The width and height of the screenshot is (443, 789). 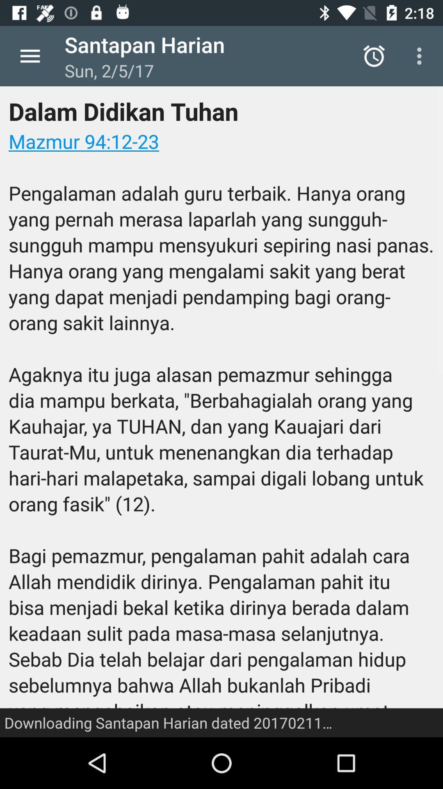 I want to click on the app next to santapan harian icon, so click(x=374, y=55).